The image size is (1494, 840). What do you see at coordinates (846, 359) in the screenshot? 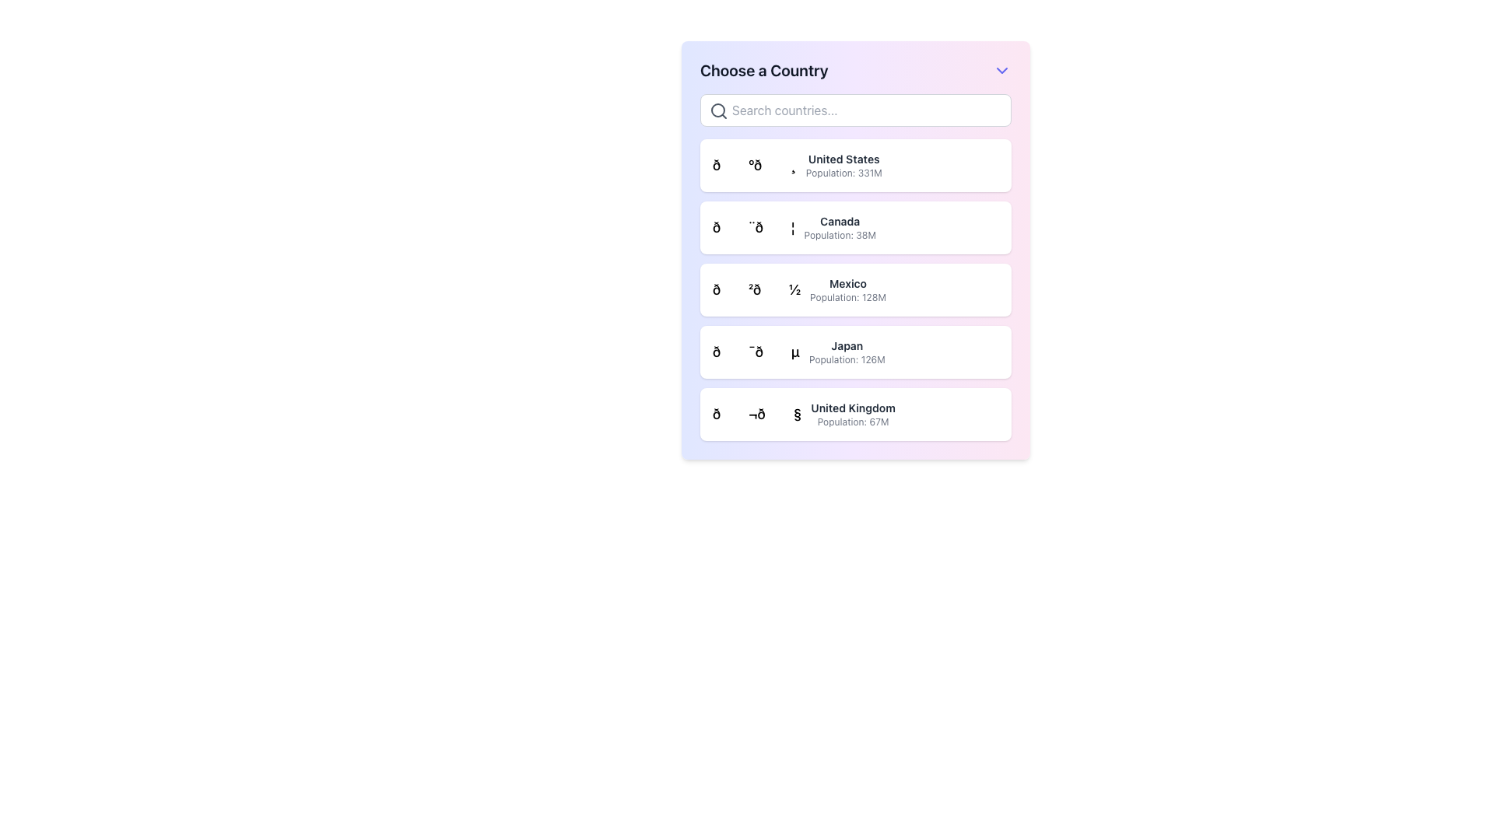
I see `the text label displaying 'Population: 126M' located under the main title 'Japan' in the fourth entry of the list` at bounding box center [846, 359].